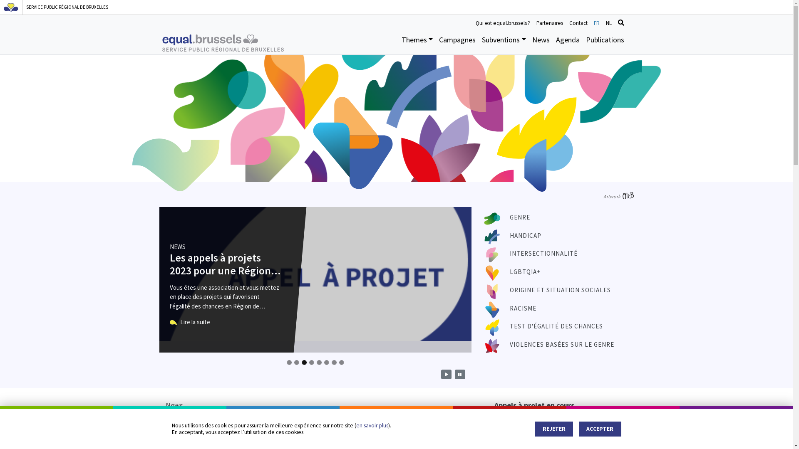 The height and width of the screenshot is (449, 799). Describe the element at coordinates (615, 22) in the screenshot. I see `'Rechercher'` at that location.